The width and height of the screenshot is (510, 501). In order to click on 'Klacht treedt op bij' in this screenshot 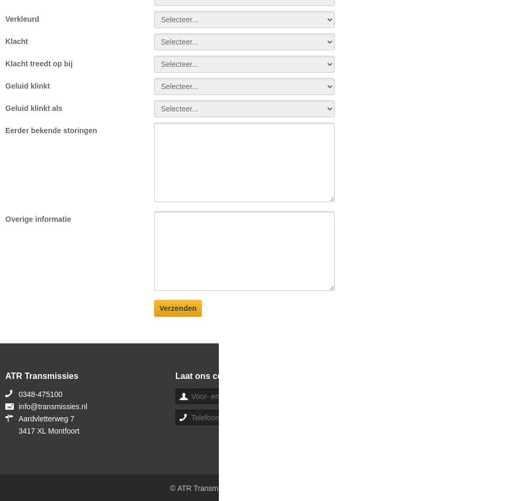, I will do `click(4, 63)`.